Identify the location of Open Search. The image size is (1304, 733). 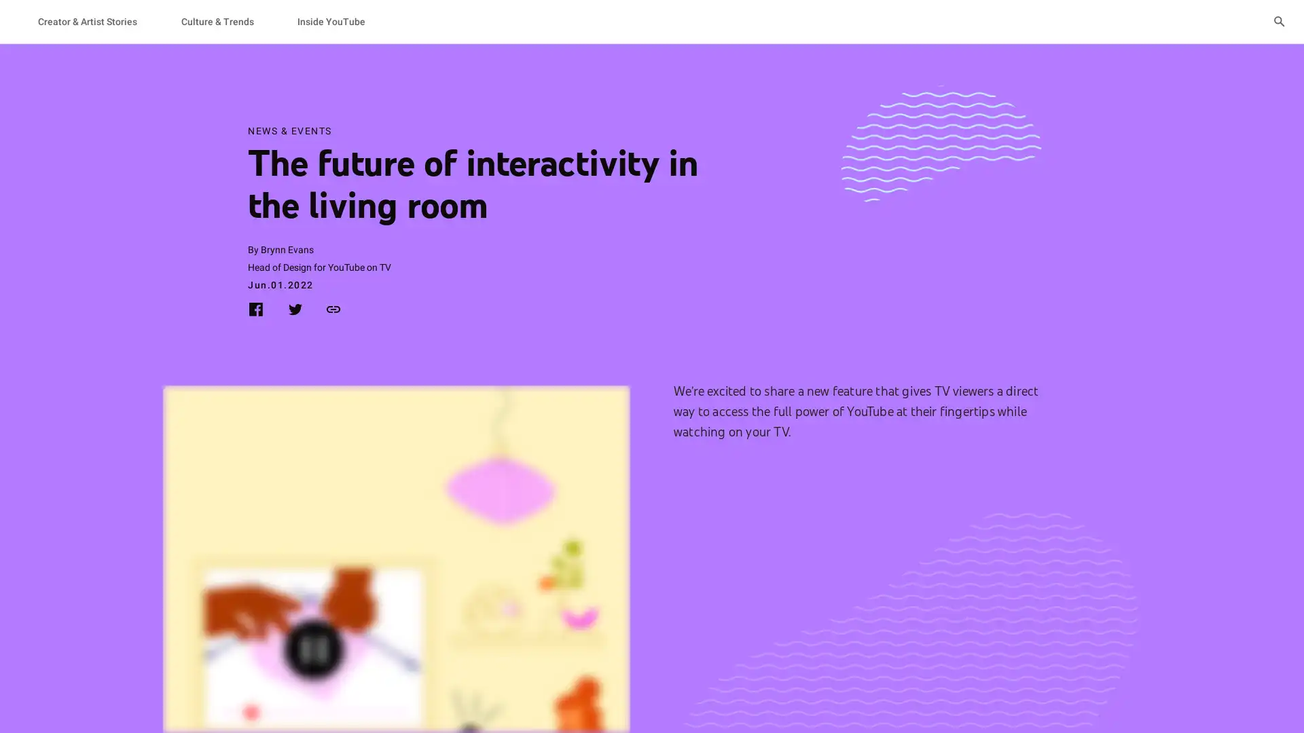
(1278, 21).